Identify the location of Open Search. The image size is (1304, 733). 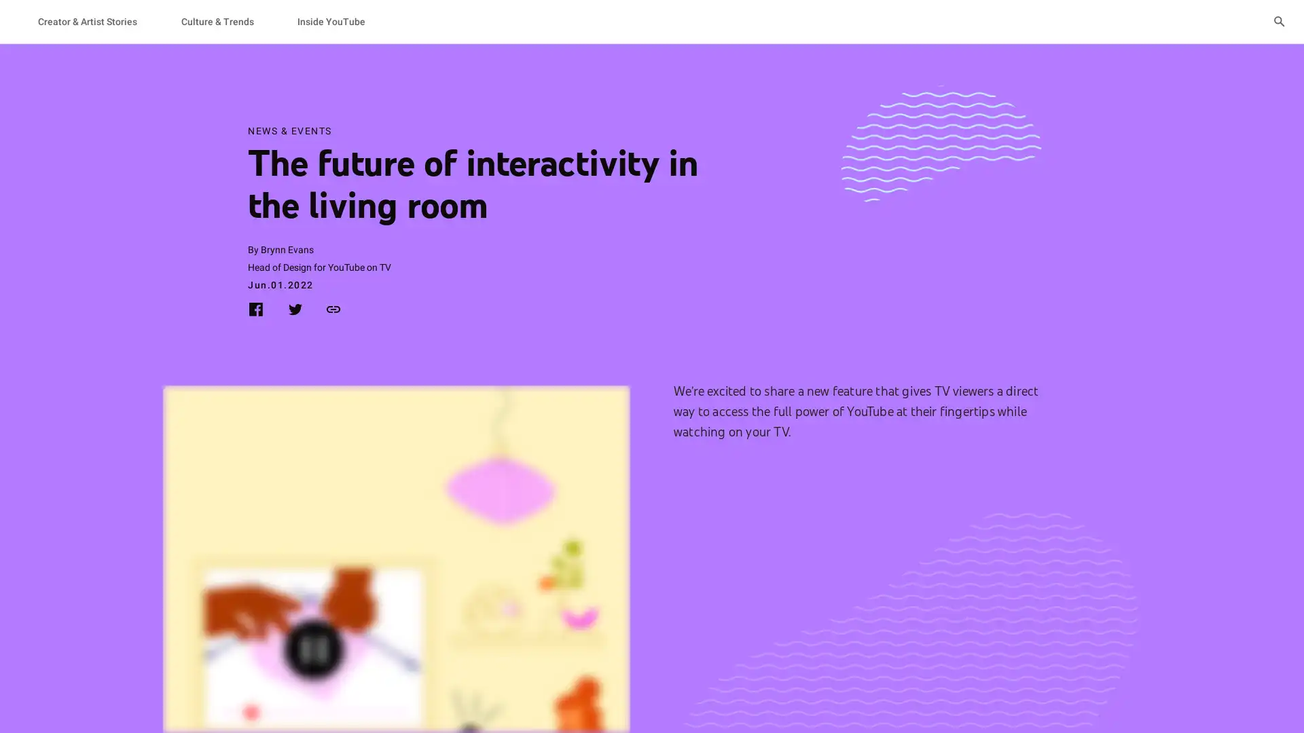
(1278, 21).